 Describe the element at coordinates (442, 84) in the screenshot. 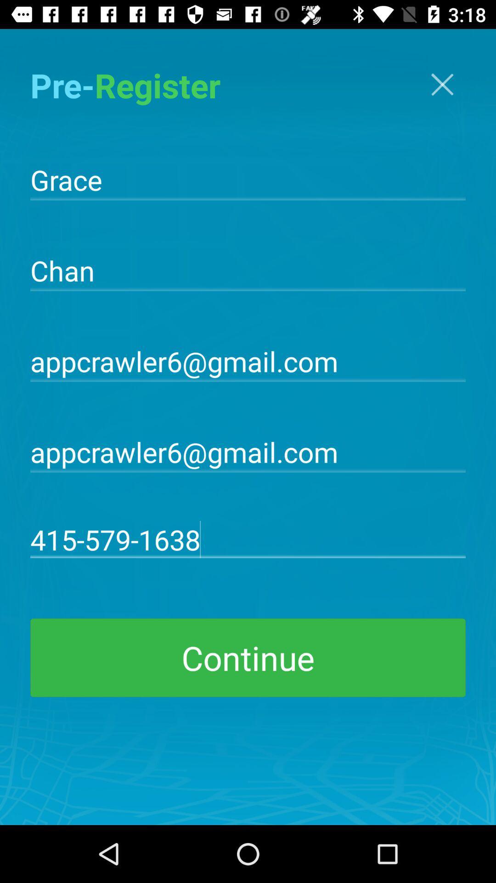

I see `x button` at that location.